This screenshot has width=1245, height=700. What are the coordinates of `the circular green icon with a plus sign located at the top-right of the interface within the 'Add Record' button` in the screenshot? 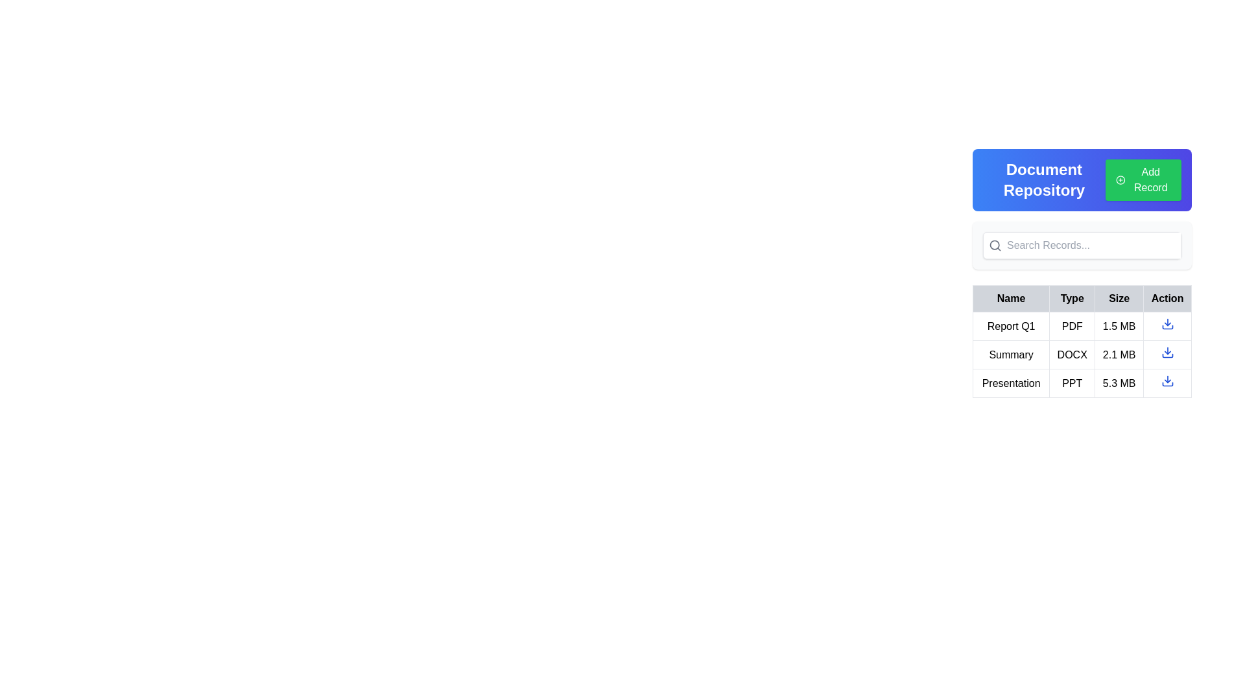 It's located at (1120, 180).